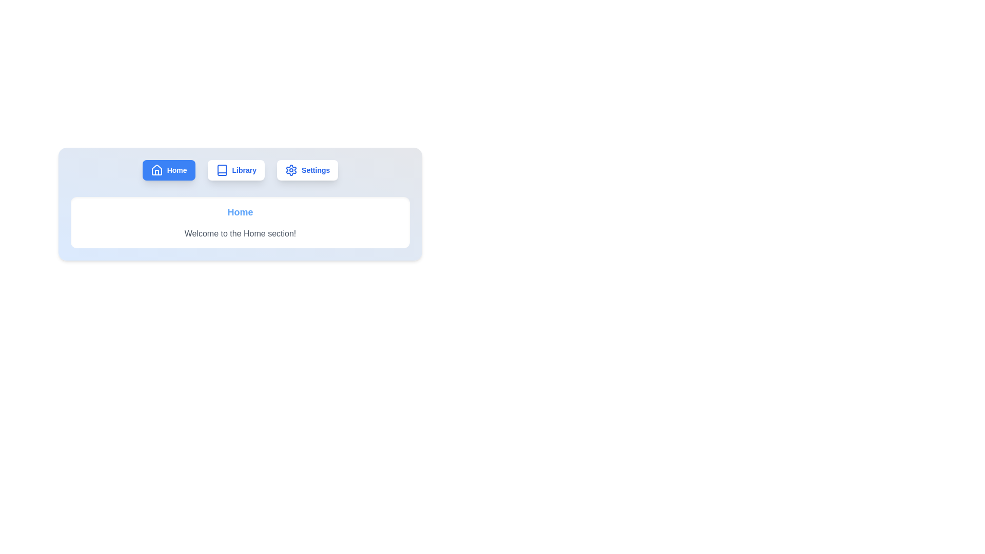 The image size is (985, 554). I want to click on the Library tab, so click(235, 169).